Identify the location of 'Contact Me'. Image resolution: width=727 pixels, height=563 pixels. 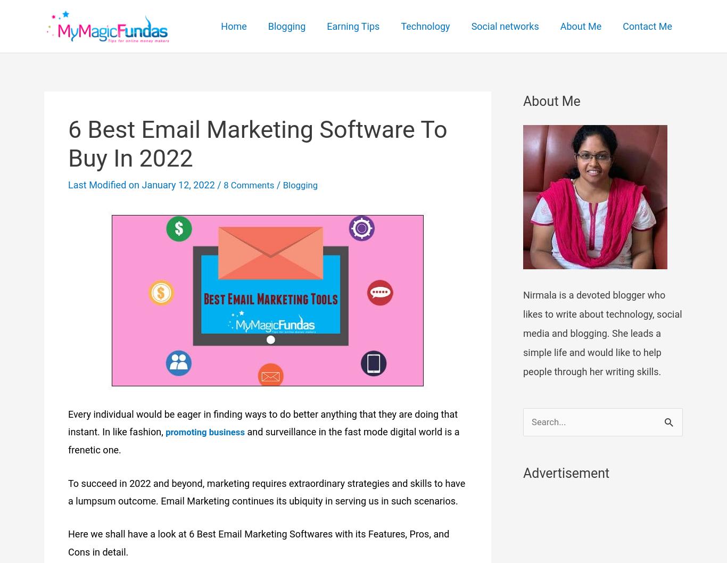
(648, 26).